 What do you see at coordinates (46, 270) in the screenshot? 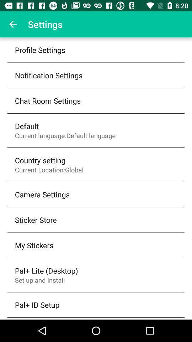
I see `the item below the my stickers item` at bounding box center [46, 270].